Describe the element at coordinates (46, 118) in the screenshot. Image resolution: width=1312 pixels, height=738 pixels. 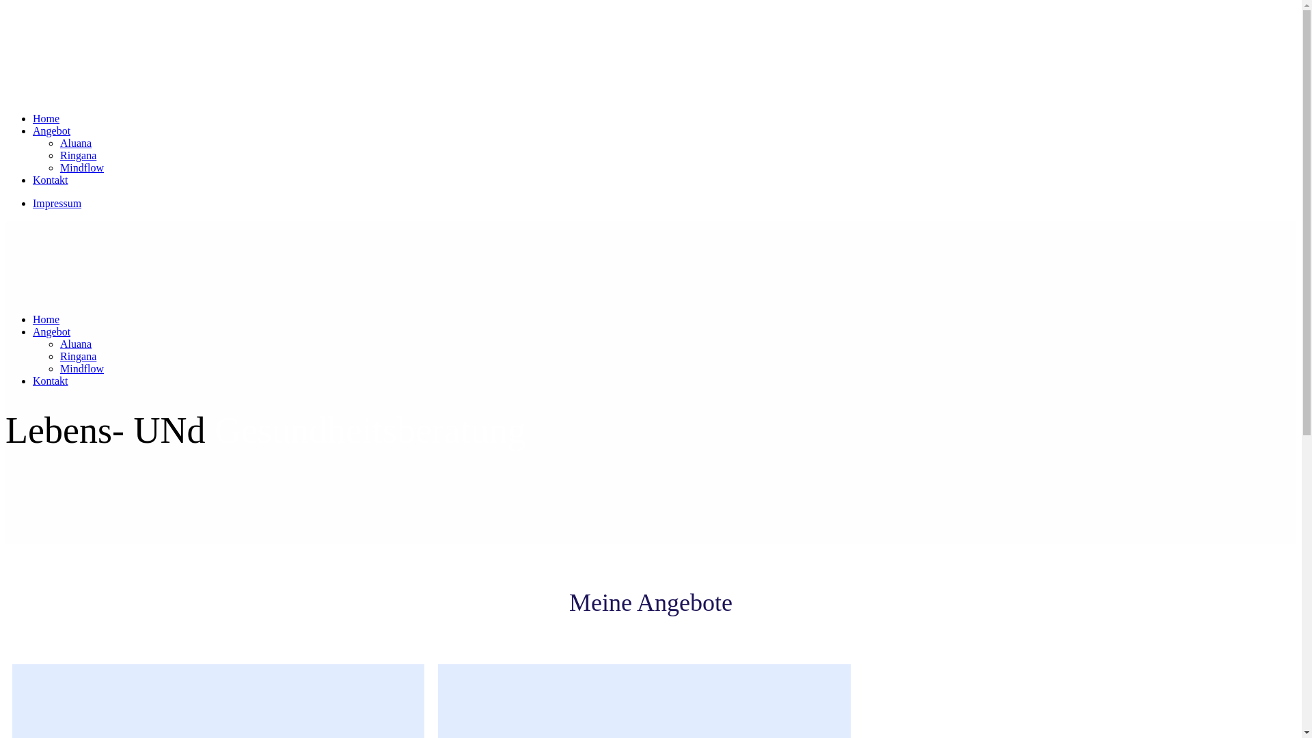
I see `'Home'` at that location.